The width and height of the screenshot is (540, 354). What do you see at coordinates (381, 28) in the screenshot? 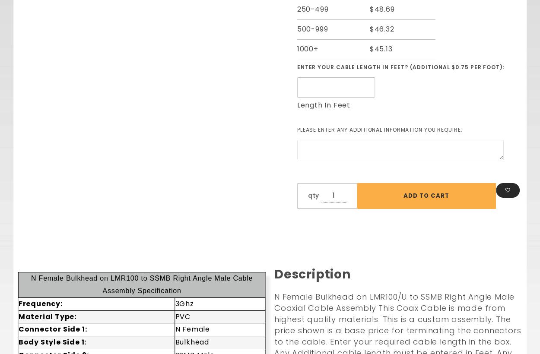
I see `'$46.32'` at bounding box center [381, 28].